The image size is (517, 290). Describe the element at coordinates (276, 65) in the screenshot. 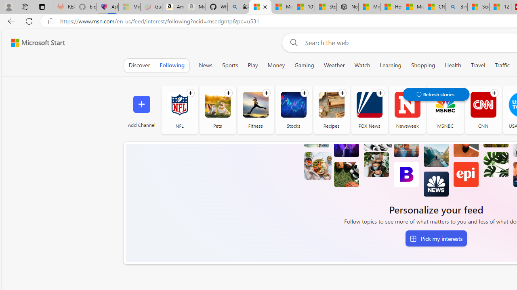

I see `'Money'` at that location.